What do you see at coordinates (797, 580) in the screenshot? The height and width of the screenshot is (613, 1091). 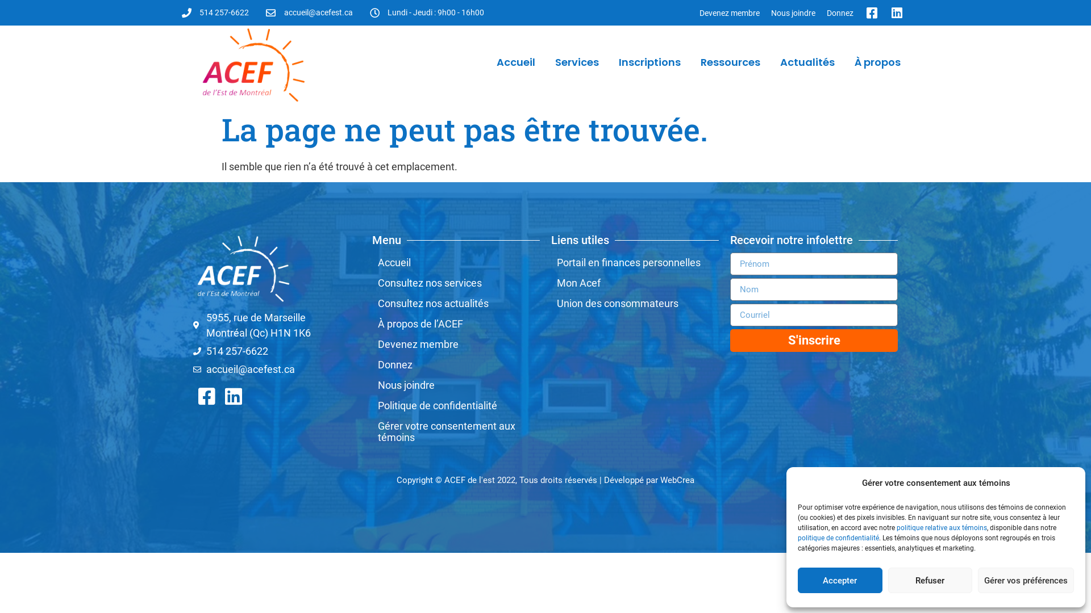 I see `'Accepter'` at bounding box center [797, 580].